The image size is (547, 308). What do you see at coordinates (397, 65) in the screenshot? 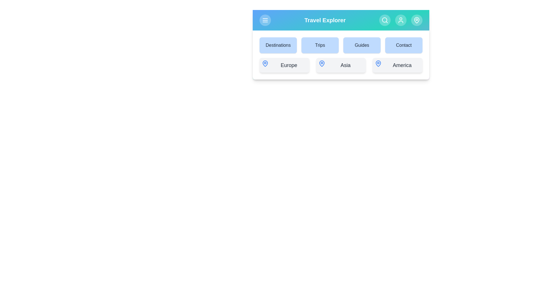
I see `the America button to select it` at bounding box center [397, 65].